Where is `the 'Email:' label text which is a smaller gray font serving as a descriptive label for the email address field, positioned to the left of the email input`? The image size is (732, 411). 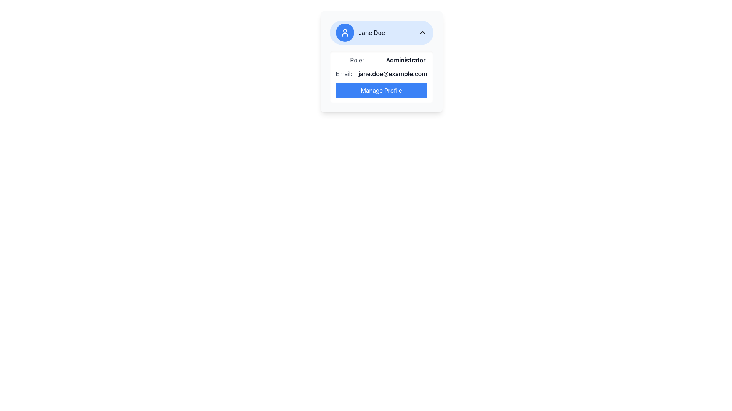 the 'Email:' label text which is a smaller gray font serving as a descriptive label for the email address field, positioned to the left of the email input is located at coordinates (344, 73).